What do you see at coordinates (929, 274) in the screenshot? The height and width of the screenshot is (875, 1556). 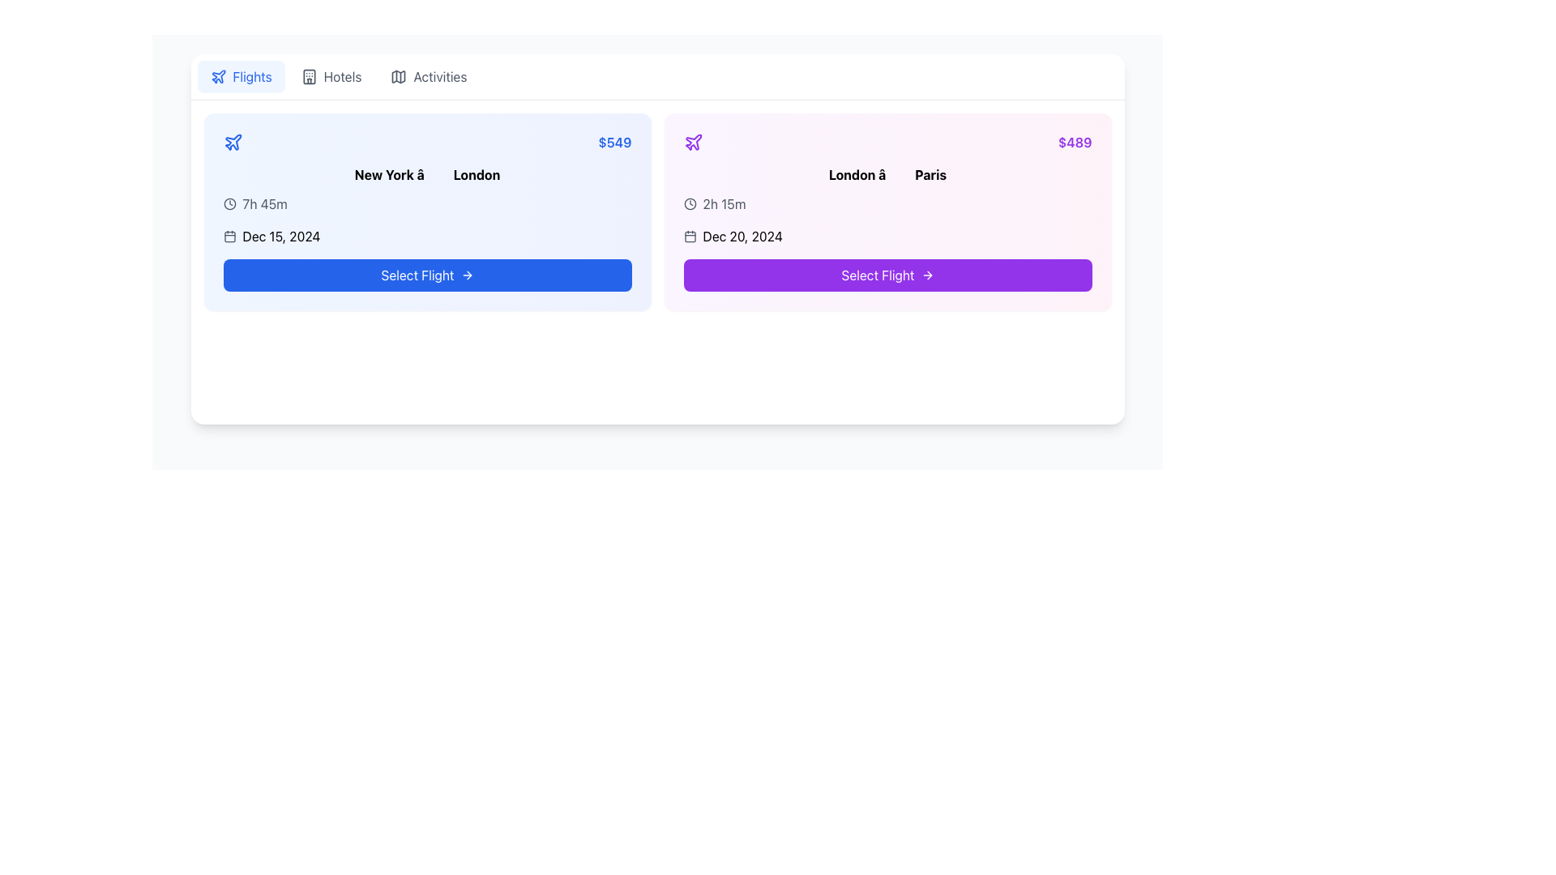 I see `the rightward arrow icon within the 'Select Flight' button on the second card to proceed with the flight option from London to Paris` at bounding box center [929, 274].